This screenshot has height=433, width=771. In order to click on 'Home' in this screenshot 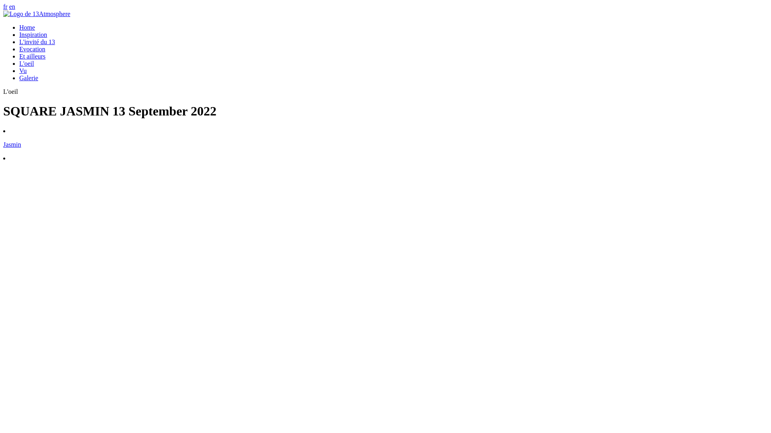, I will do `click(19, 27)`.